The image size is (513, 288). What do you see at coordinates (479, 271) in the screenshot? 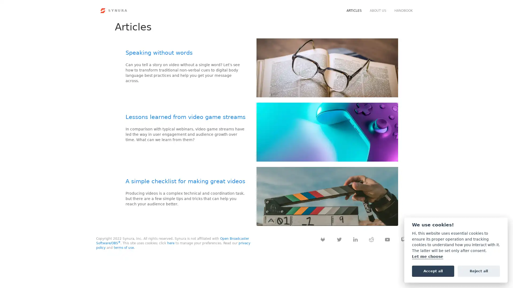
I see `Reject all` at bounding box center [479, 271].